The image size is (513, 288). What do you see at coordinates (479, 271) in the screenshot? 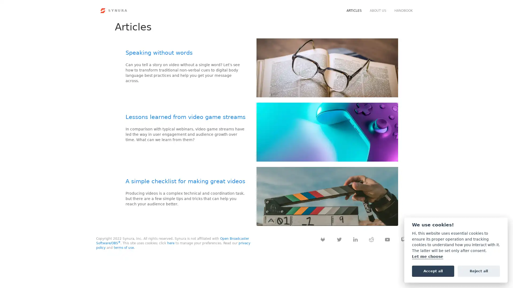
I see `Reject all` at bounding box center [479, 271].